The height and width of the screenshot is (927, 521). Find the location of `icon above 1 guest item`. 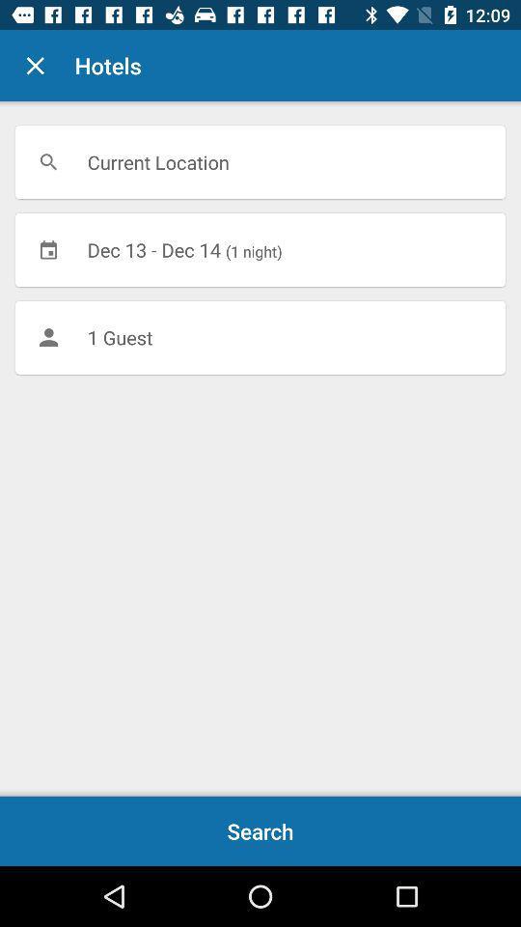

icon above 1 guest item is located at coordinates (260, 248).